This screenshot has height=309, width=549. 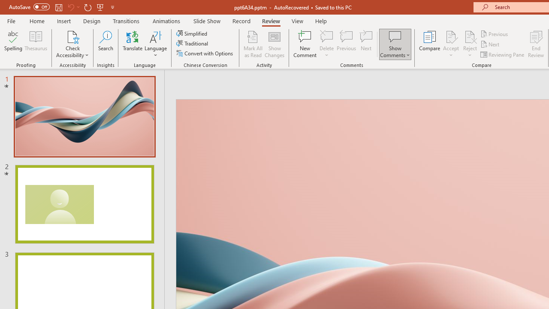 What do you see at coordinates (450, 44) in the screenshot?
I see `'Accept'` at bounding box center [450, 44].